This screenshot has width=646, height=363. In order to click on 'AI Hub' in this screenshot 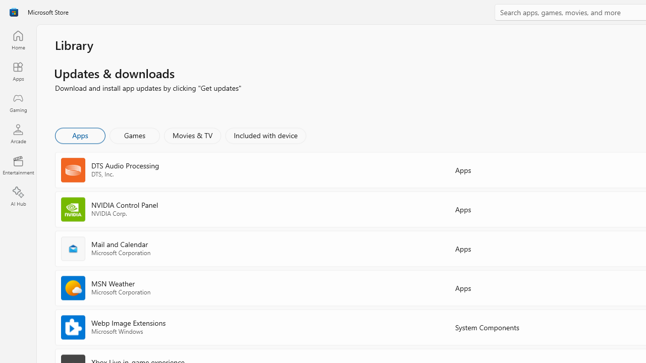, I will do `click(18, 197)`.